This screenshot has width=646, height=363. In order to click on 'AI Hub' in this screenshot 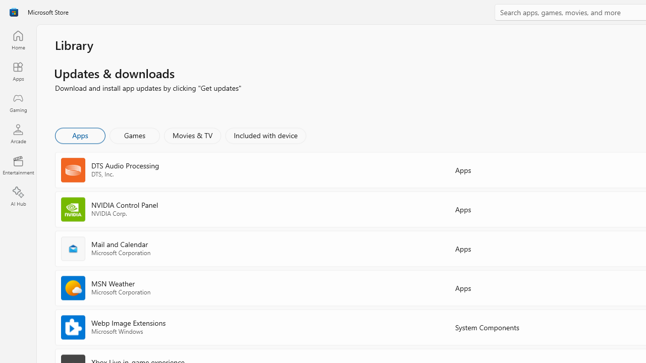, I will do `click(18, 197)`.